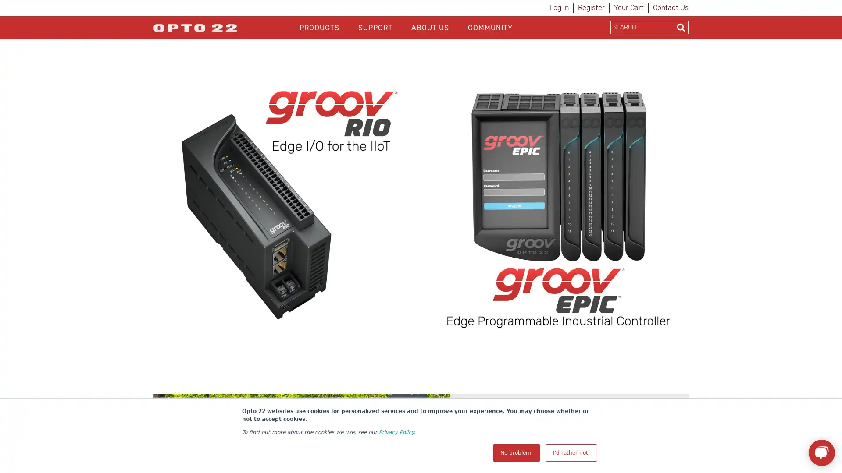 Image resolution: width=842 pixels, height=473 pixels. What do you see at coordinates (681, 26) in the screenshot?
I see `Search` at bounding box center [681, 26].